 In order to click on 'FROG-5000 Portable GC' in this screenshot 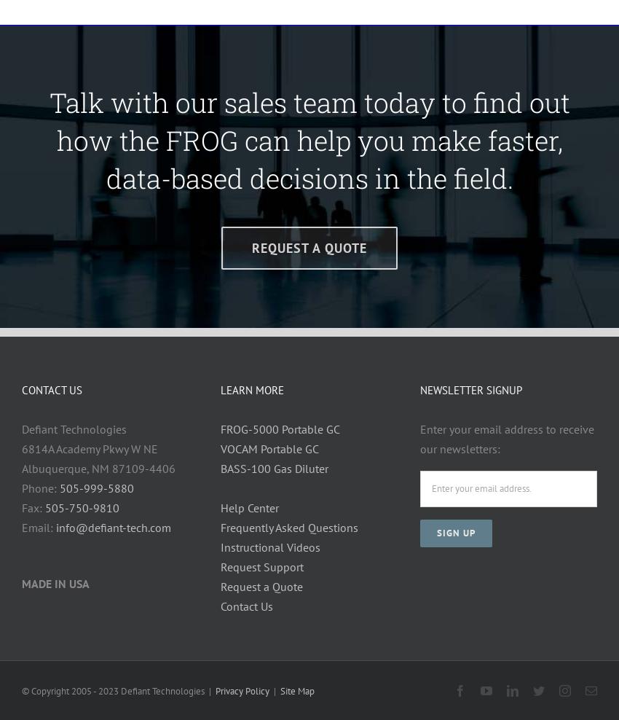, I will do `click(221, 428)`.